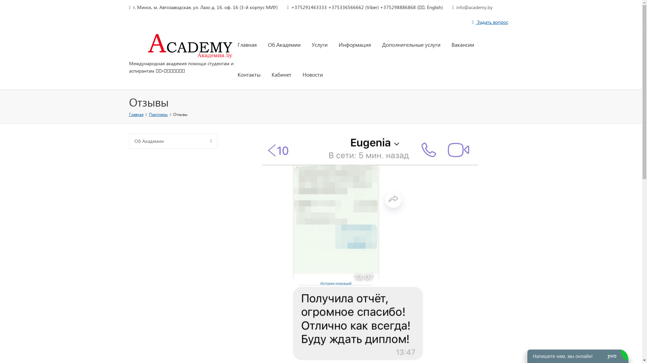  What do you see at coordinates (456, 7) in the screenshot?
I see `'info@academy.by'` at bounding box center [456, 7].